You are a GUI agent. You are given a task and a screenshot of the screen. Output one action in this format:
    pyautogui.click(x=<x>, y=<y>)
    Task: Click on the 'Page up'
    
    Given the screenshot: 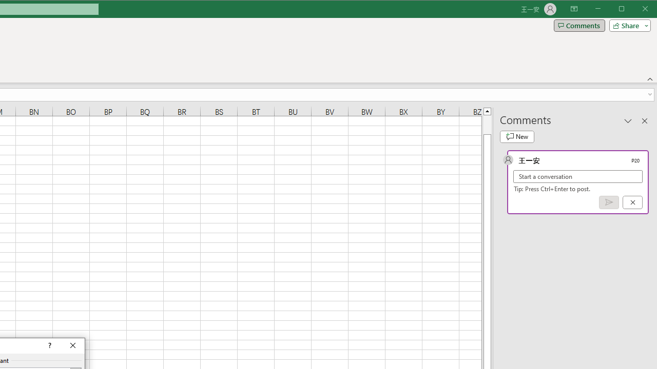 What is the action you would take?
    pyautogui.click(x=487, y=124)
    